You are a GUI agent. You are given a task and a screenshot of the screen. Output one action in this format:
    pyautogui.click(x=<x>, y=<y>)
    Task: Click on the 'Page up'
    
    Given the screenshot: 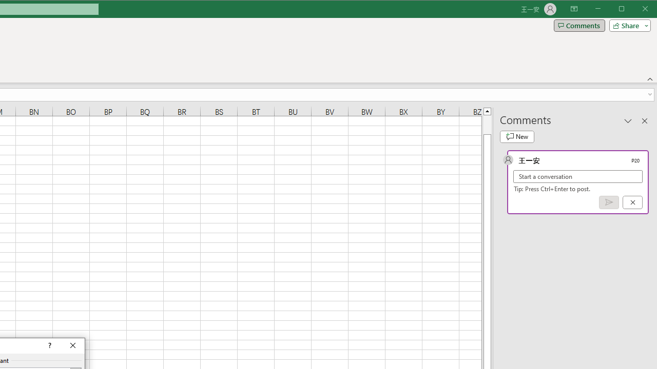 What is the action you would take?
    pyautogui.click(x=487, y=124)
    